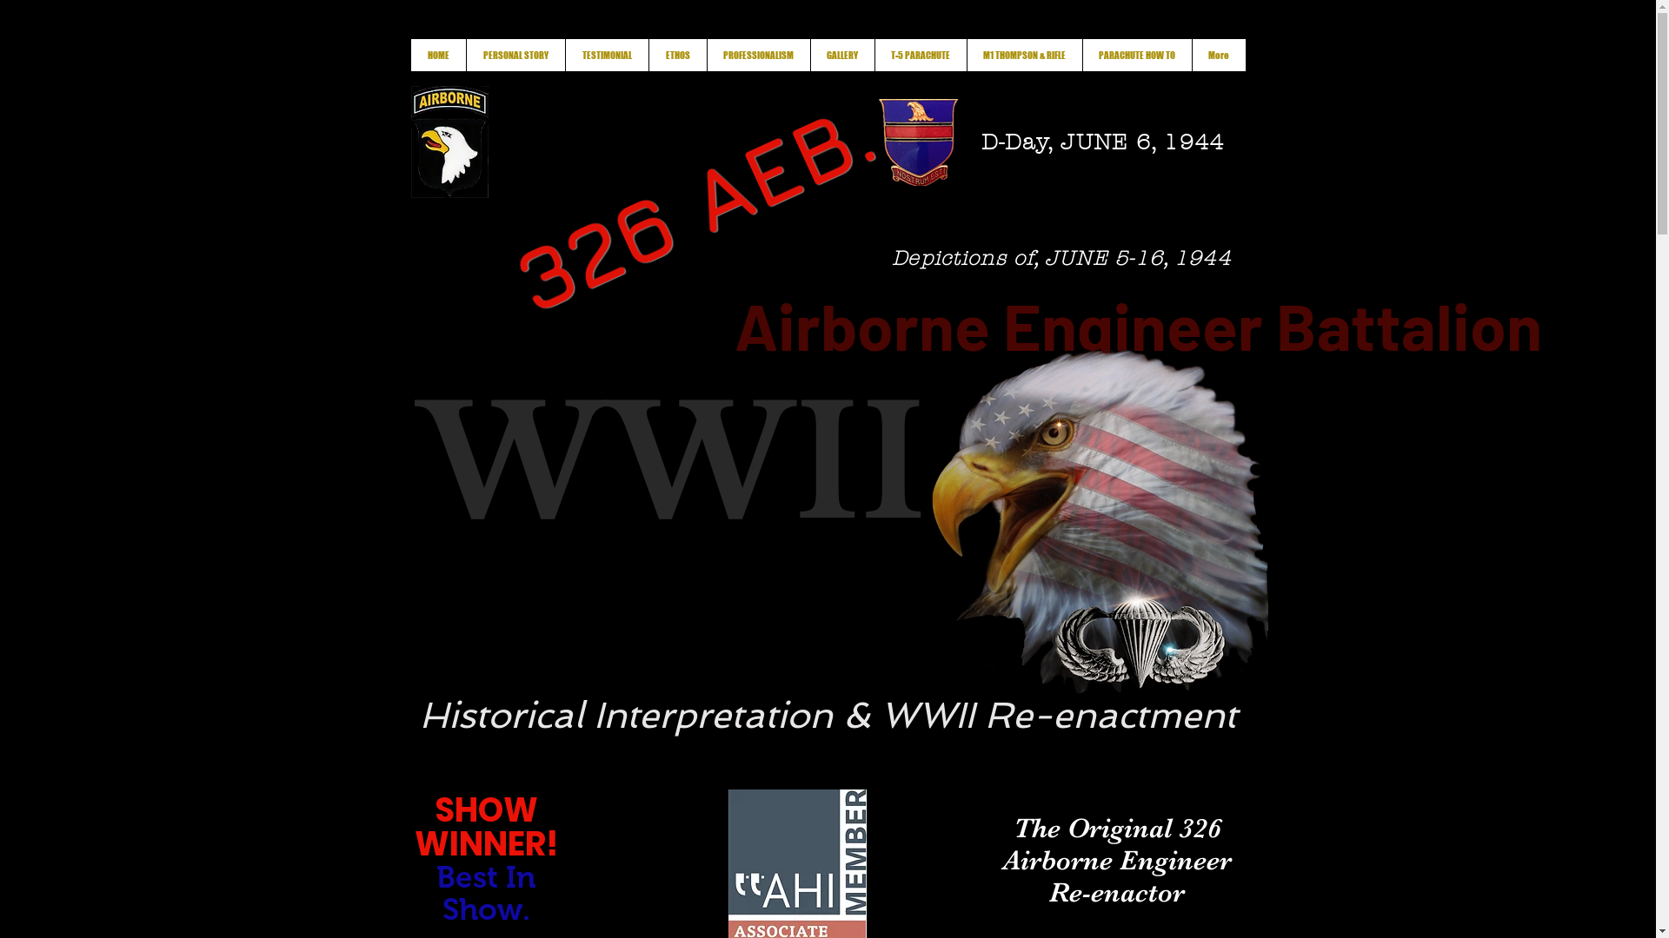 The width and height of the screenshot is (1669, 938). What do you see at coordinates (808, 54) in the screenshot?
I see `'GALLERY'` at bounding box center [808, 54].